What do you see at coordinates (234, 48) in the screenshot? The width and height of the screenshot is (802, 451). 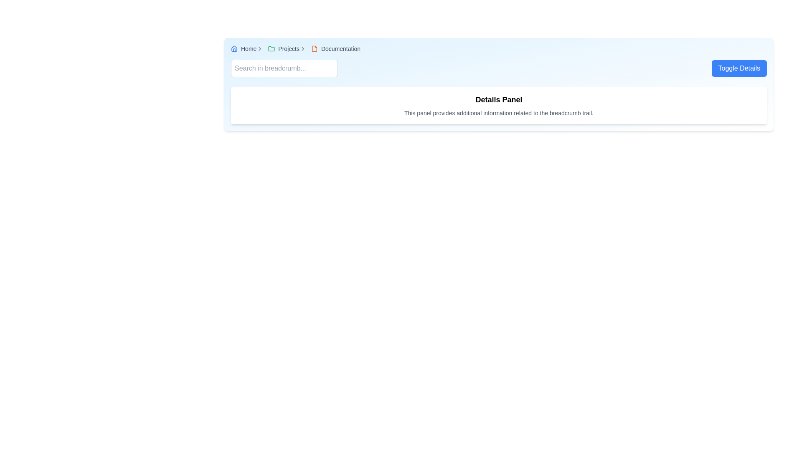 I see `the house icon in the navigation bar` at bounding box center [234, 48].